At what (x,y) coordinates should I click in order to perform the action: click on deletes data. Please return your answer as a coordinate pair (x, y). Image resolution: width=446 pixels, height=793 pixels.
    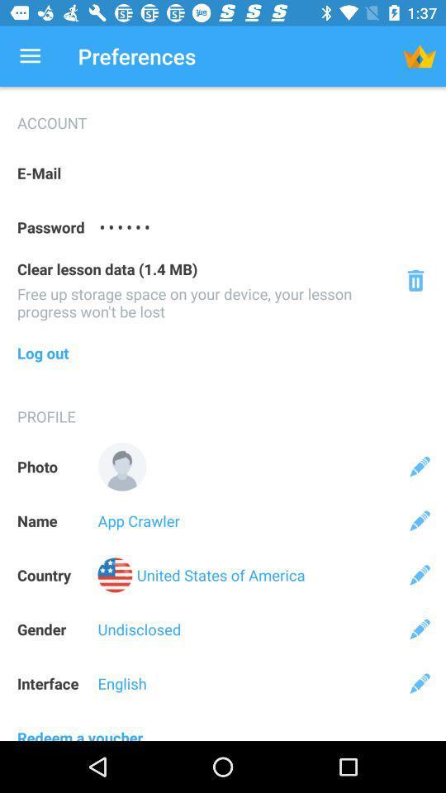
    Looking at the image, I should click on (415, 280).